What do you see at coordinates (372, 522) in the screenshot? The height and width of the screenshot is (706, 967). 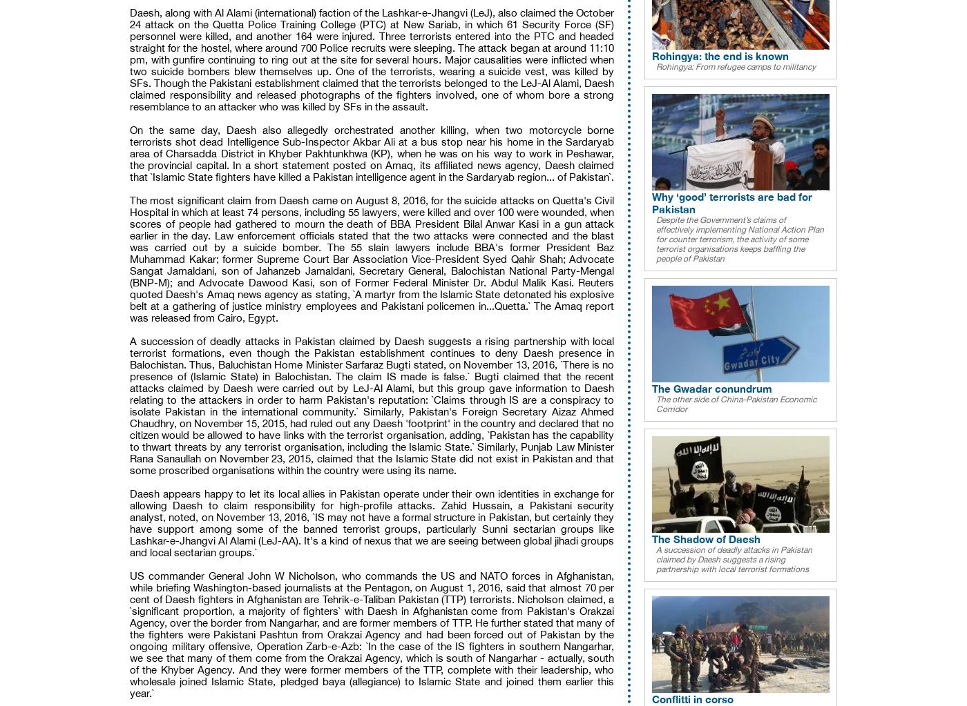 I see `'Daesh appears happy to let its local allies in Pakistan operate under their own identities in exchange for allowing Daesh to claim responsibility for high-profile attacks. Zahid Hussain, a Pakistani security analyst, noted, on November 13, 2016, `IS may not have a formal structure in Pakistan, but certainly they have support among some of the banned terrorist groups, particularly Sunni sectarian groups like Lashkar-e-Jhangvi Al Alami (LeJ-AA). It's a kind of nexus that we are seeing between global jihadi groups and local sectarian groups.`'` at bounding box center [372, 522].